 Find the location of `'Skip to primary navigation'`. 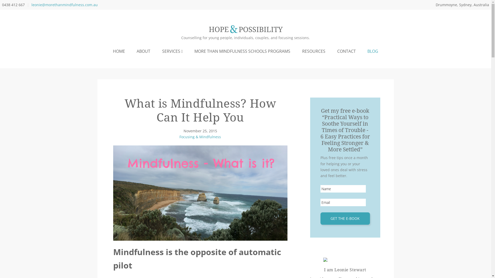

'Skip to primary navigation' is located at coordinates (0, 0).